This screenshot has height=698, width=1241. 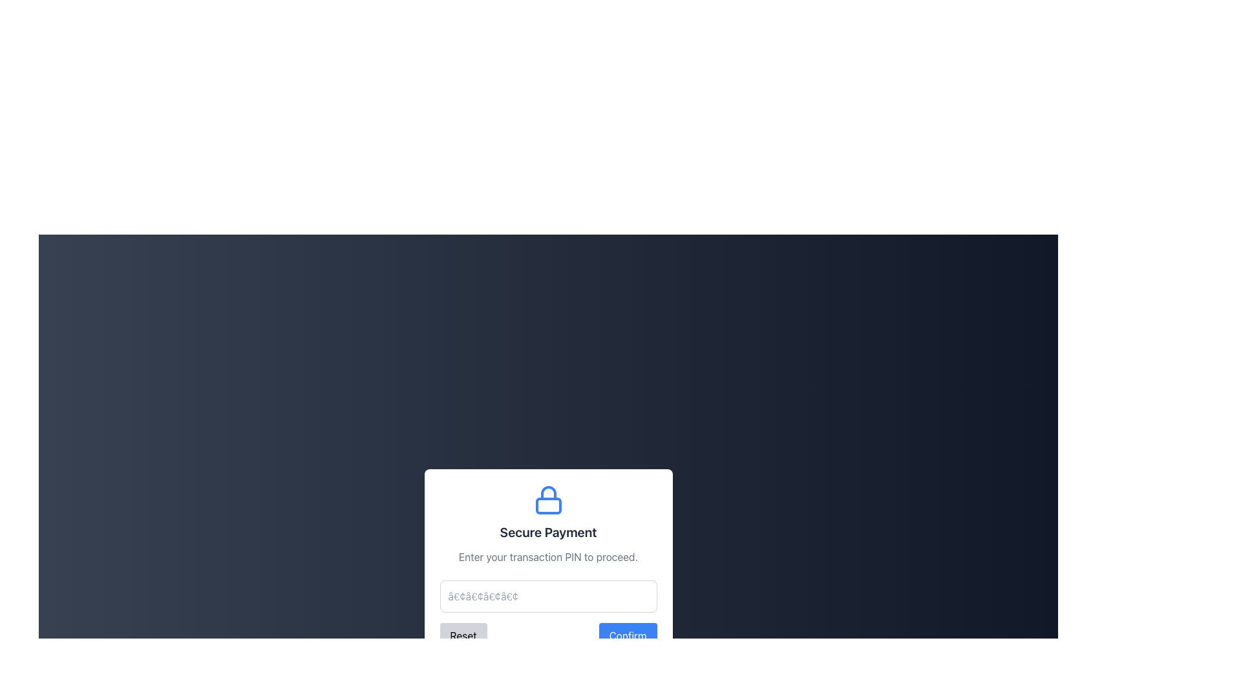 What do you see at coordinates (548, 533) in the screenshot?
I see `the 'Secure Payment' text label, which is styled in bold and larger font, located below a lock icon within a modal` at bounding box center [548, 533].